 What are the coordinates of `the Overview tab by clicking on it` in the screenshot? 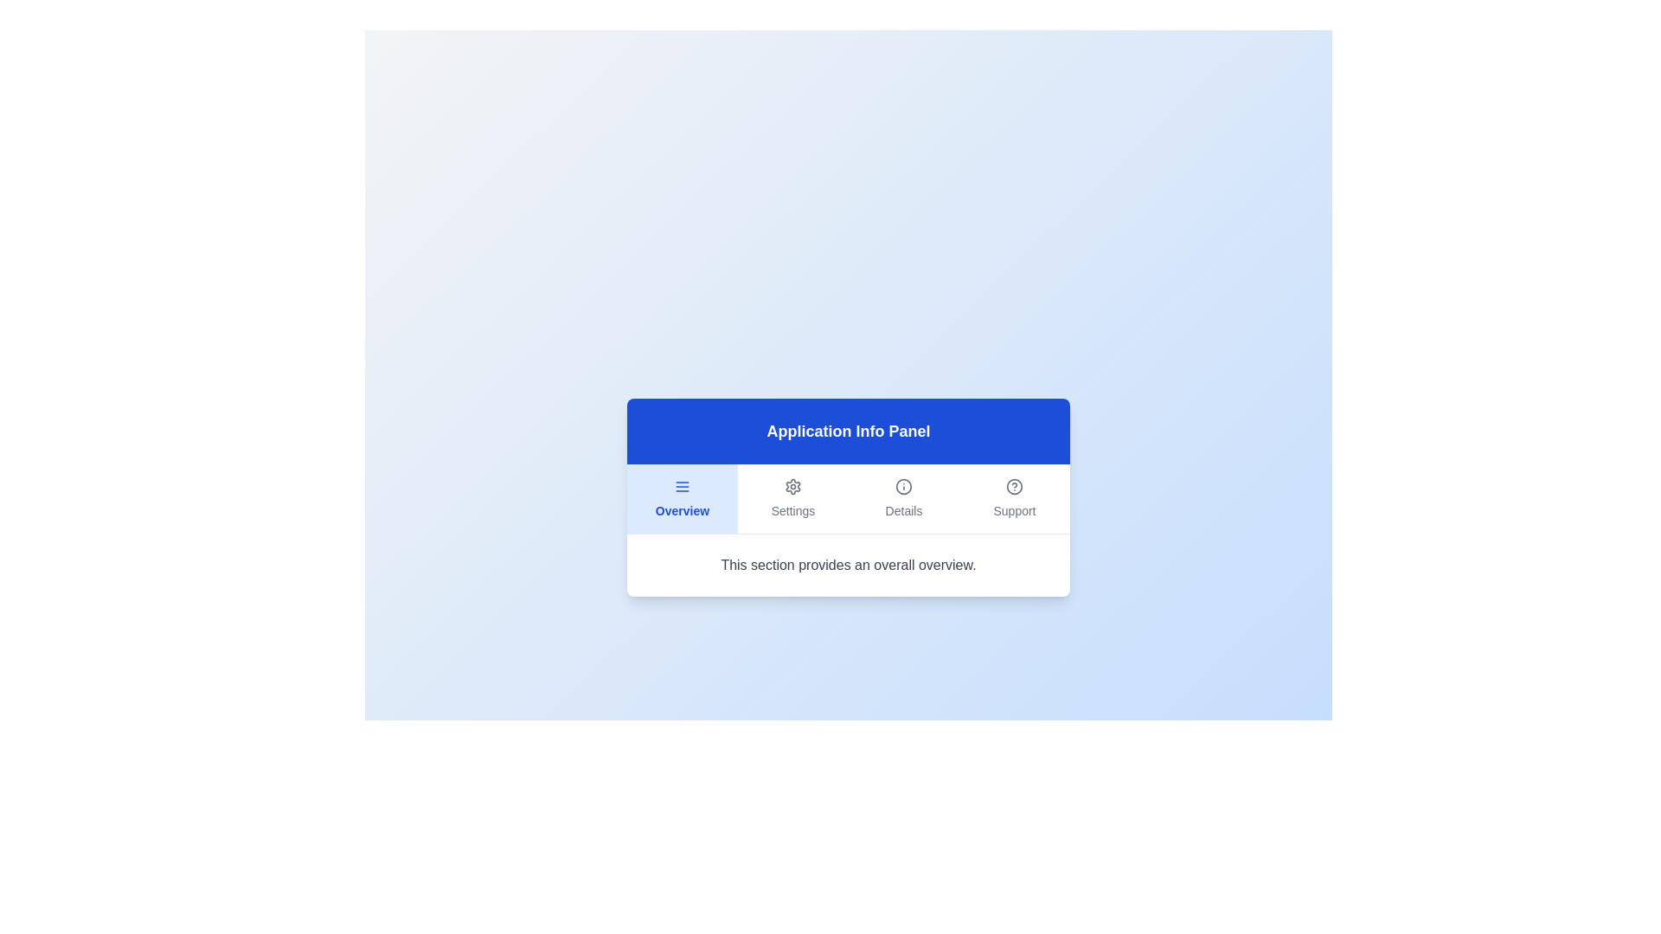 It's located at (681, 498).